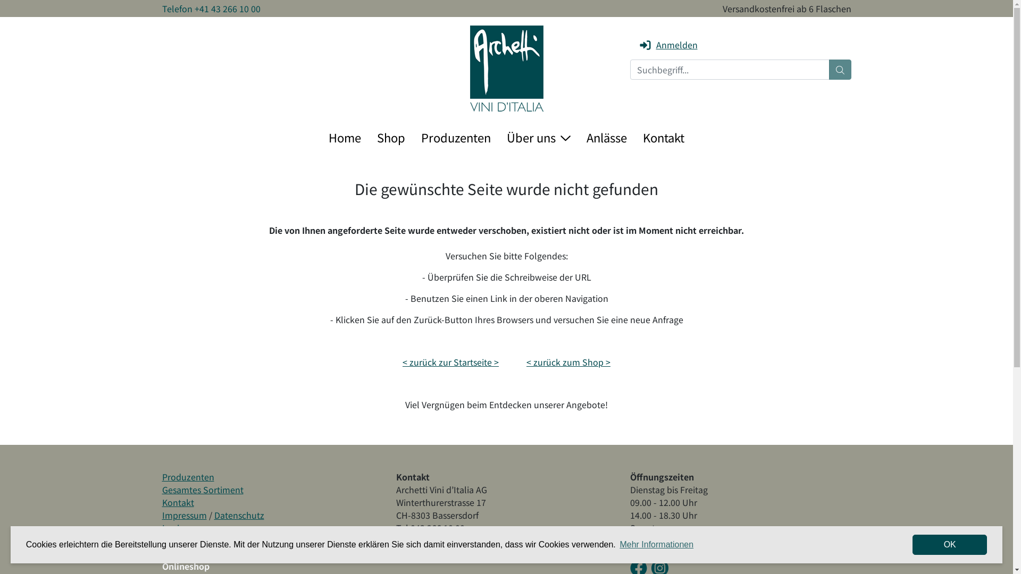 This screenshot has height=574, width=1021. Describe the element at coordinates (183, 514) in the screenshot. I see `'Impressum'` at that location.